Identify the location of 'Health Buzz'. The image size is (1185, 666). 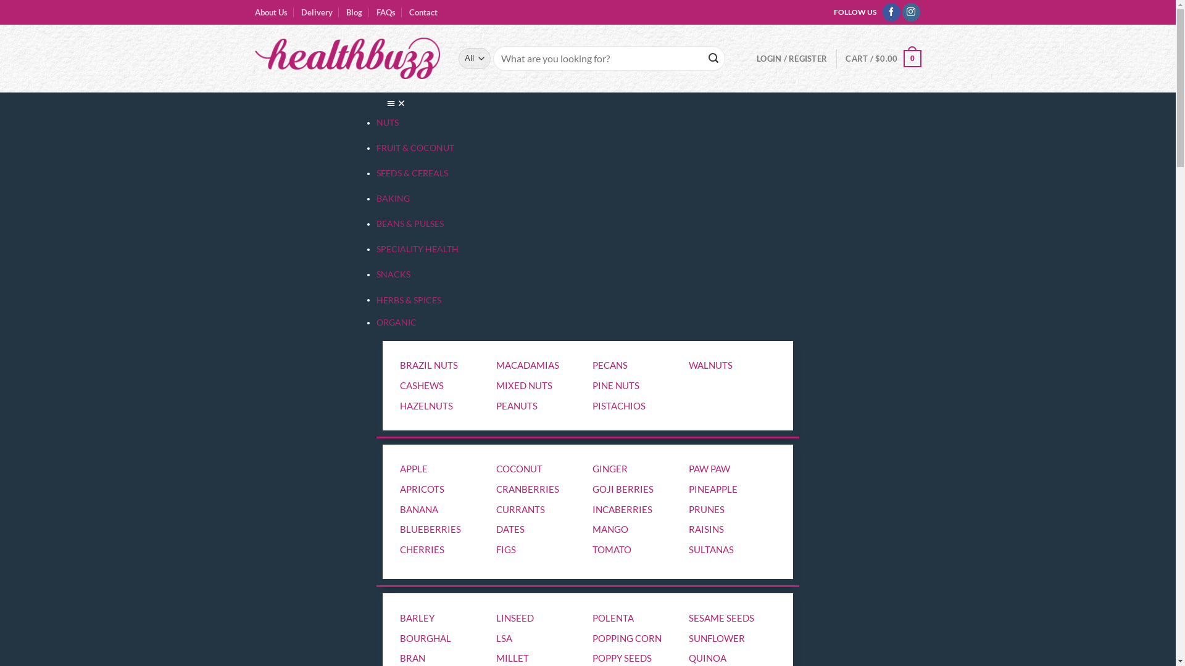
(346, 59).